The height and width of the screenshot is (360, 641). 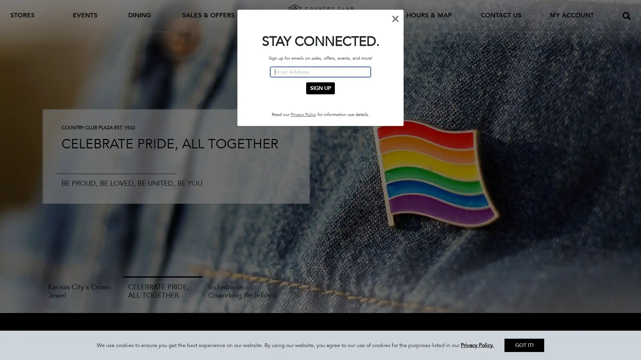 What do you see at coordinates (395, 19) in the screenshot?
I see `Close` at bounding box center [395, 19].